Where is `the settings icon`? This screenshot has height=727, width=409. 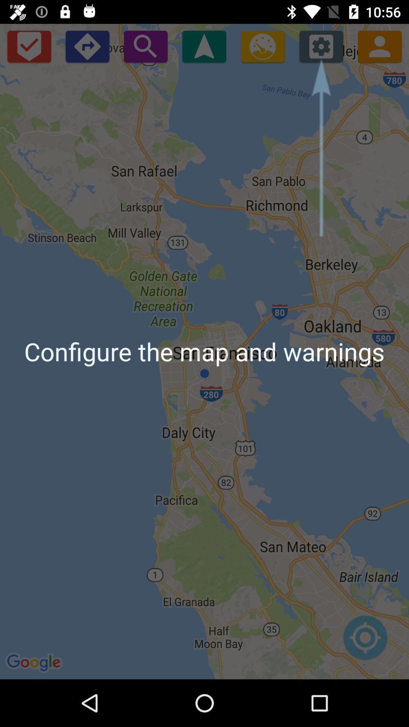
the settings icon is located at coordinates (262, 46).